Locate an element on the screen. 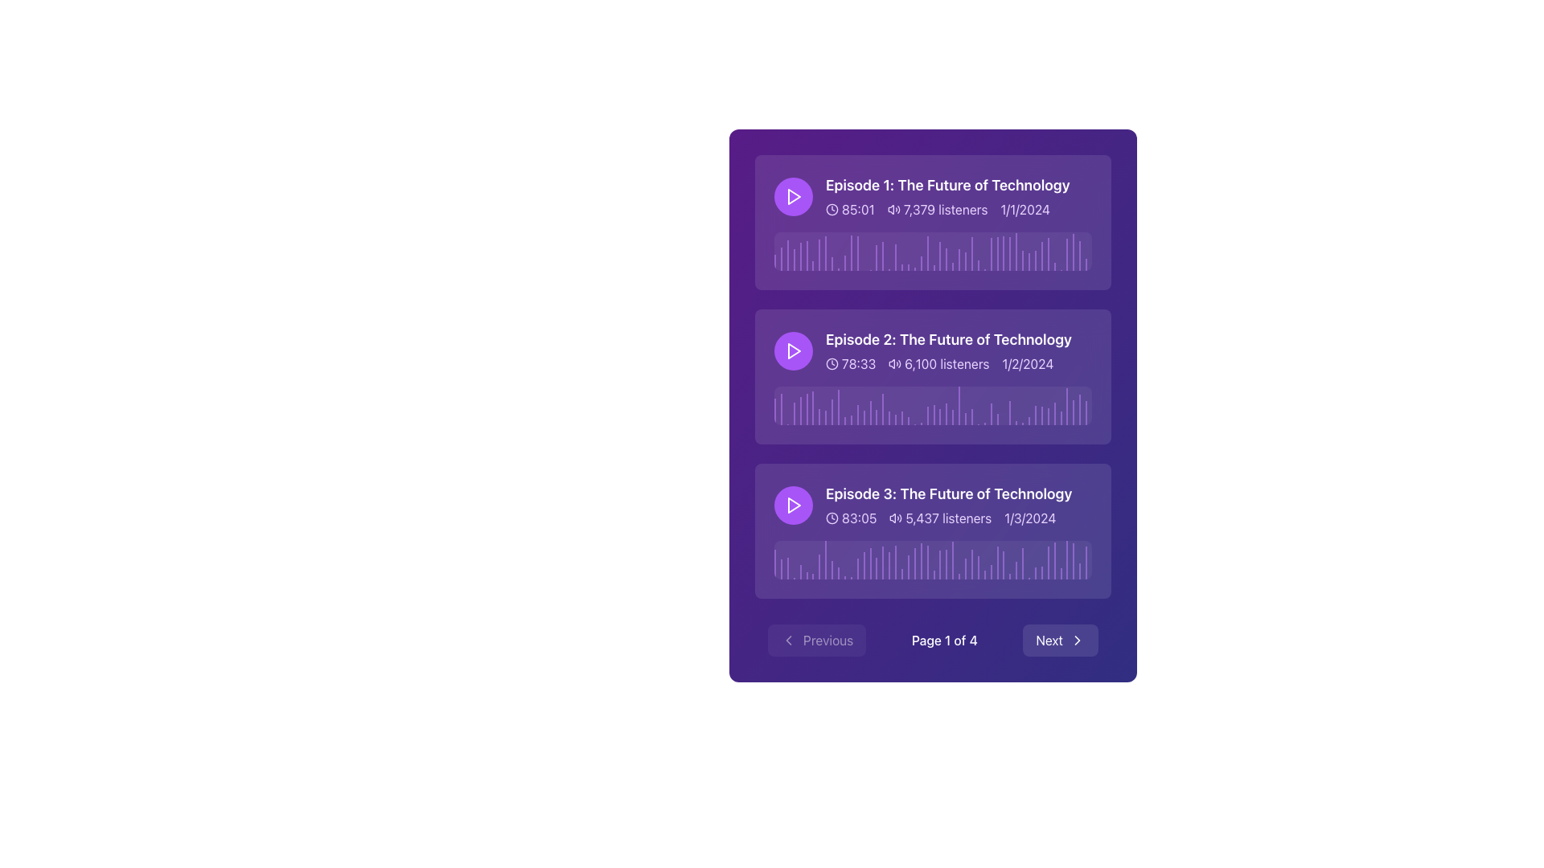 The height and width of the screenshot is (868, 1544). the 16th vertical graphical bar in the sound wave visualization of the third podcast entry is located at coordinates (869, 563).